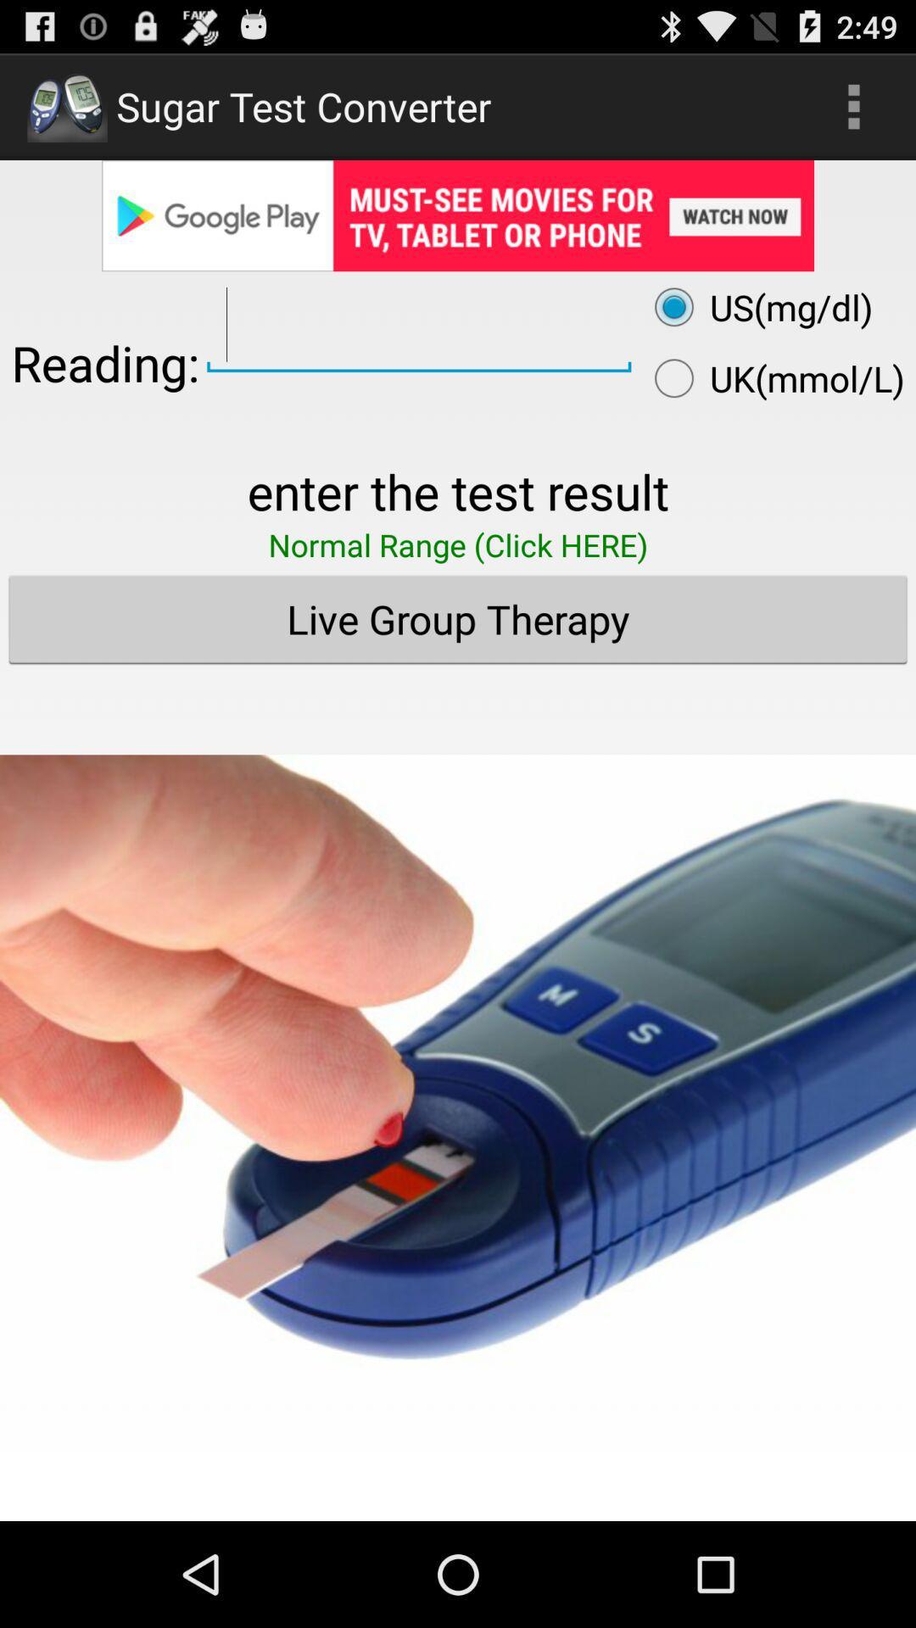 Image resolution: width=916 pixels, height=1628 pixels. I want to click on press on blood test monitor button, so click(458, 1078).